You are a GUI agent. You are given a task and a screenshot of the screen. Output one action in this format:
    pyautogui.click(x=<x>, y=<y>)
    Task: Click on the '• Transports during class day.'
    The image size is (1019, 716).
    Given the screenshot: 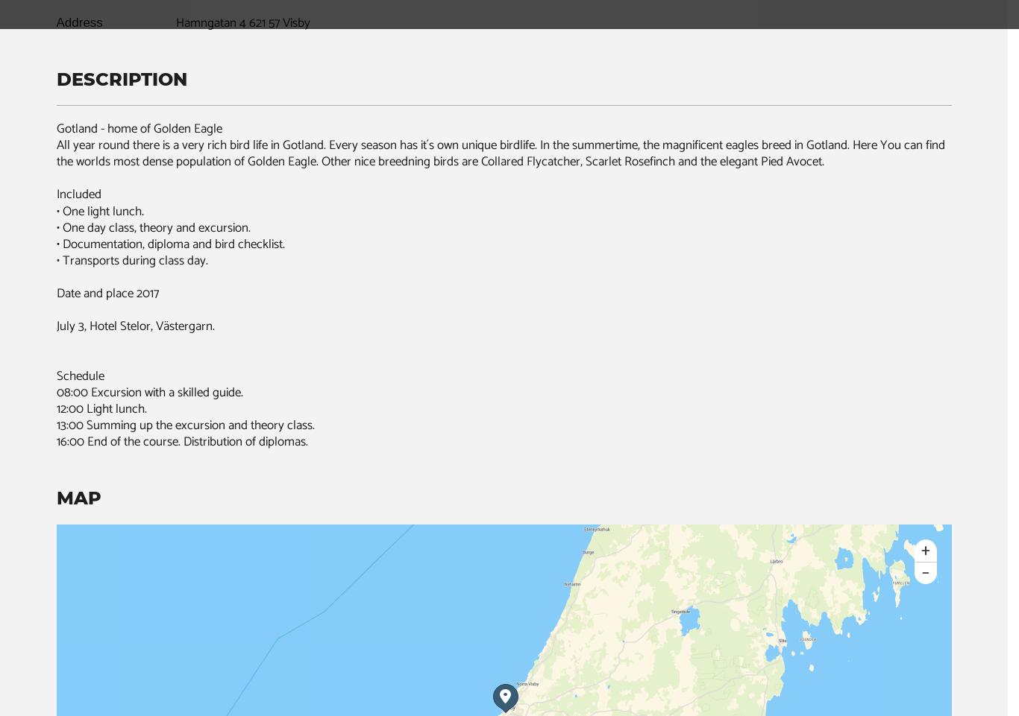 What is the action you would take?
    pyautogui.click(x=131, y=259)
    